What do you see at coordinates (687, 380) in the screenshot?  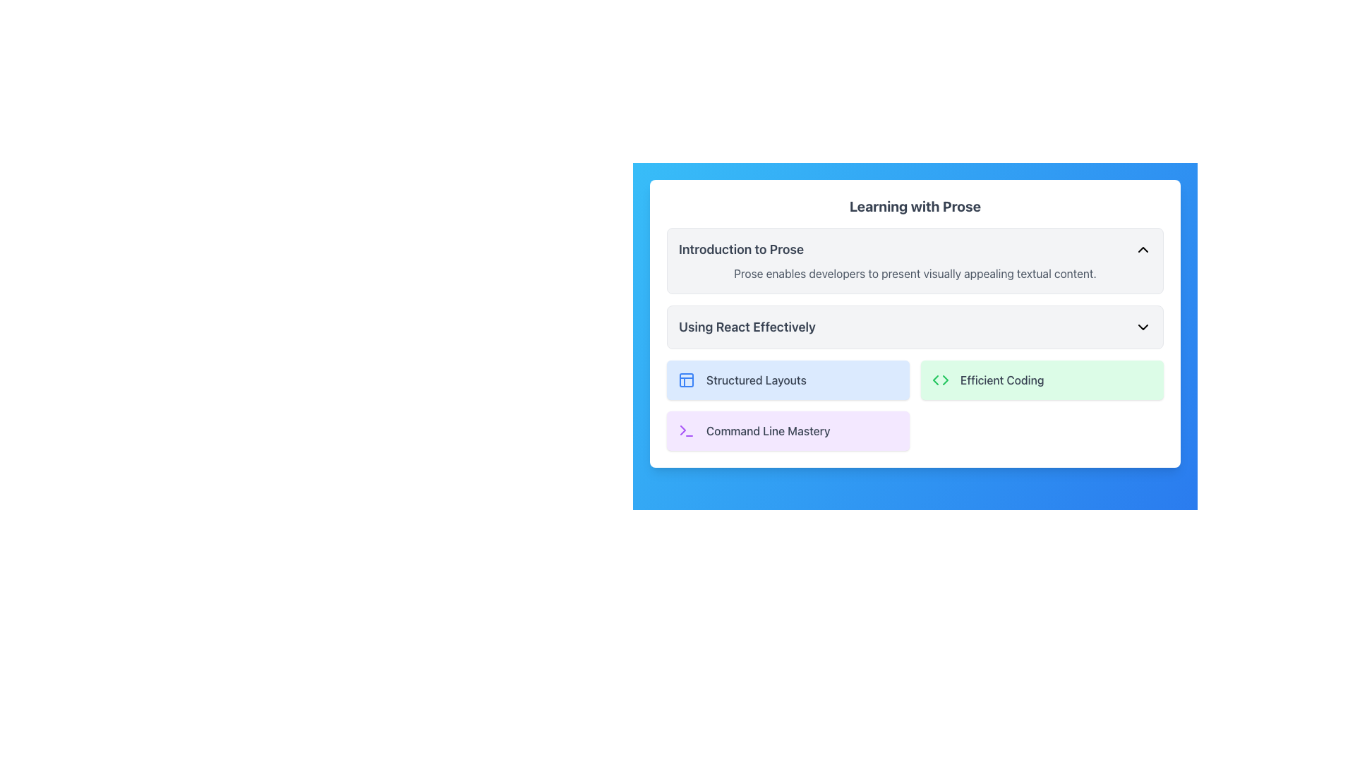 I see `the small rectangular shape with rounded corners located at the top-left corner of the SVG icon, which is part of the visual interface` at bounding box center [687, 380].